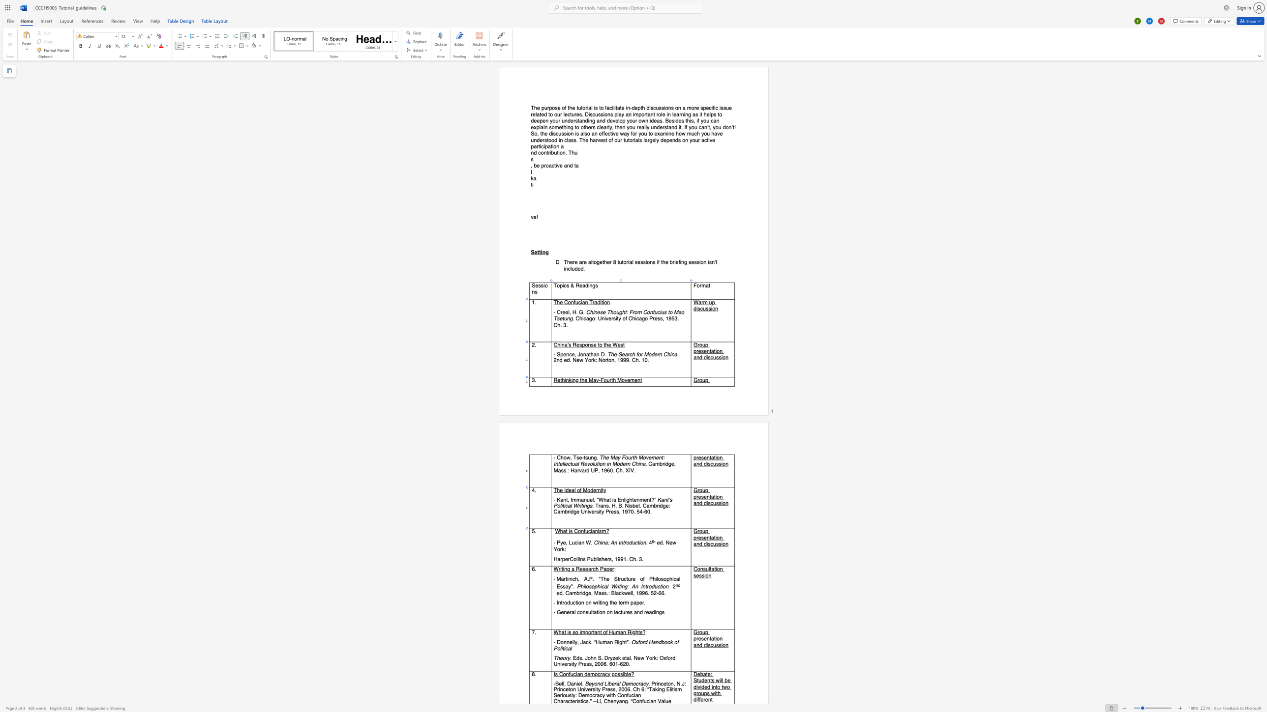 The width and height of the screenshot is (1267, 712). I want to click on the 3th character "i" in the text, so click(721, 503).